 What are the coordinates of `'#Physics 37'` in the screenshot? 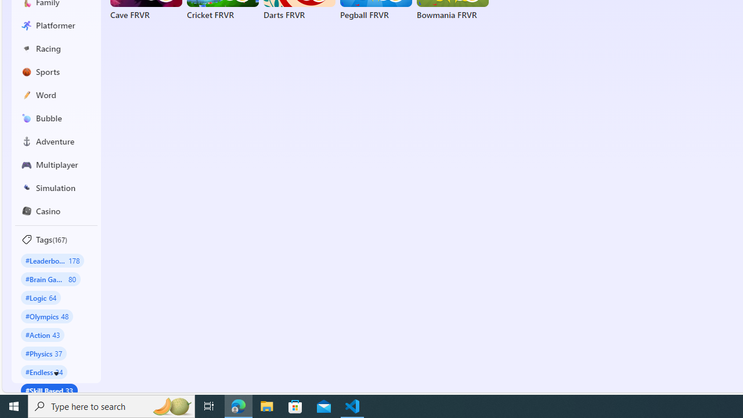 It's located at (44, 352).